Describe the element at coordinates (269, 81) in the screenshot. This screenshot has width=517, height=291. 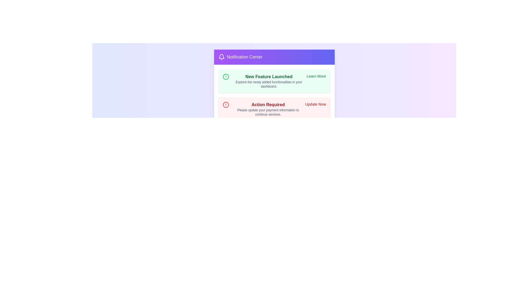
I see `the informational text block located in the green notification card at the top center of the 'Notification Center' panel` at that location.